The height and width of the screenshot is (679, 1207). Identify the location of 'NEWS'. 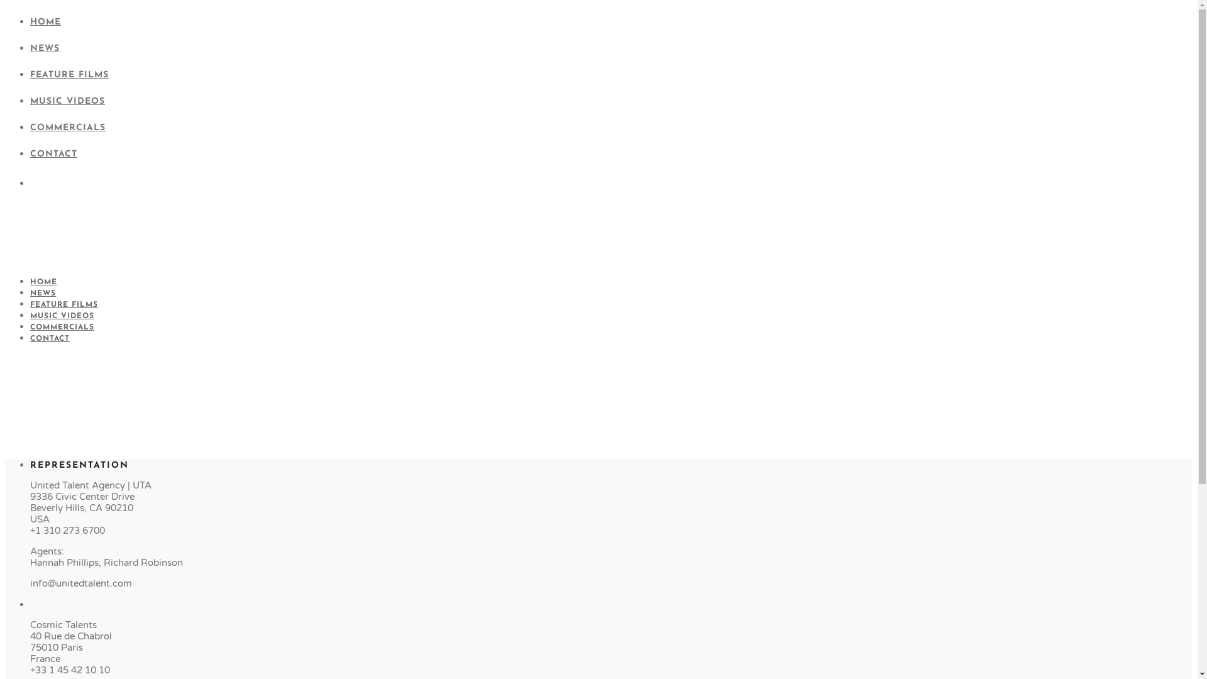
(43, 293).